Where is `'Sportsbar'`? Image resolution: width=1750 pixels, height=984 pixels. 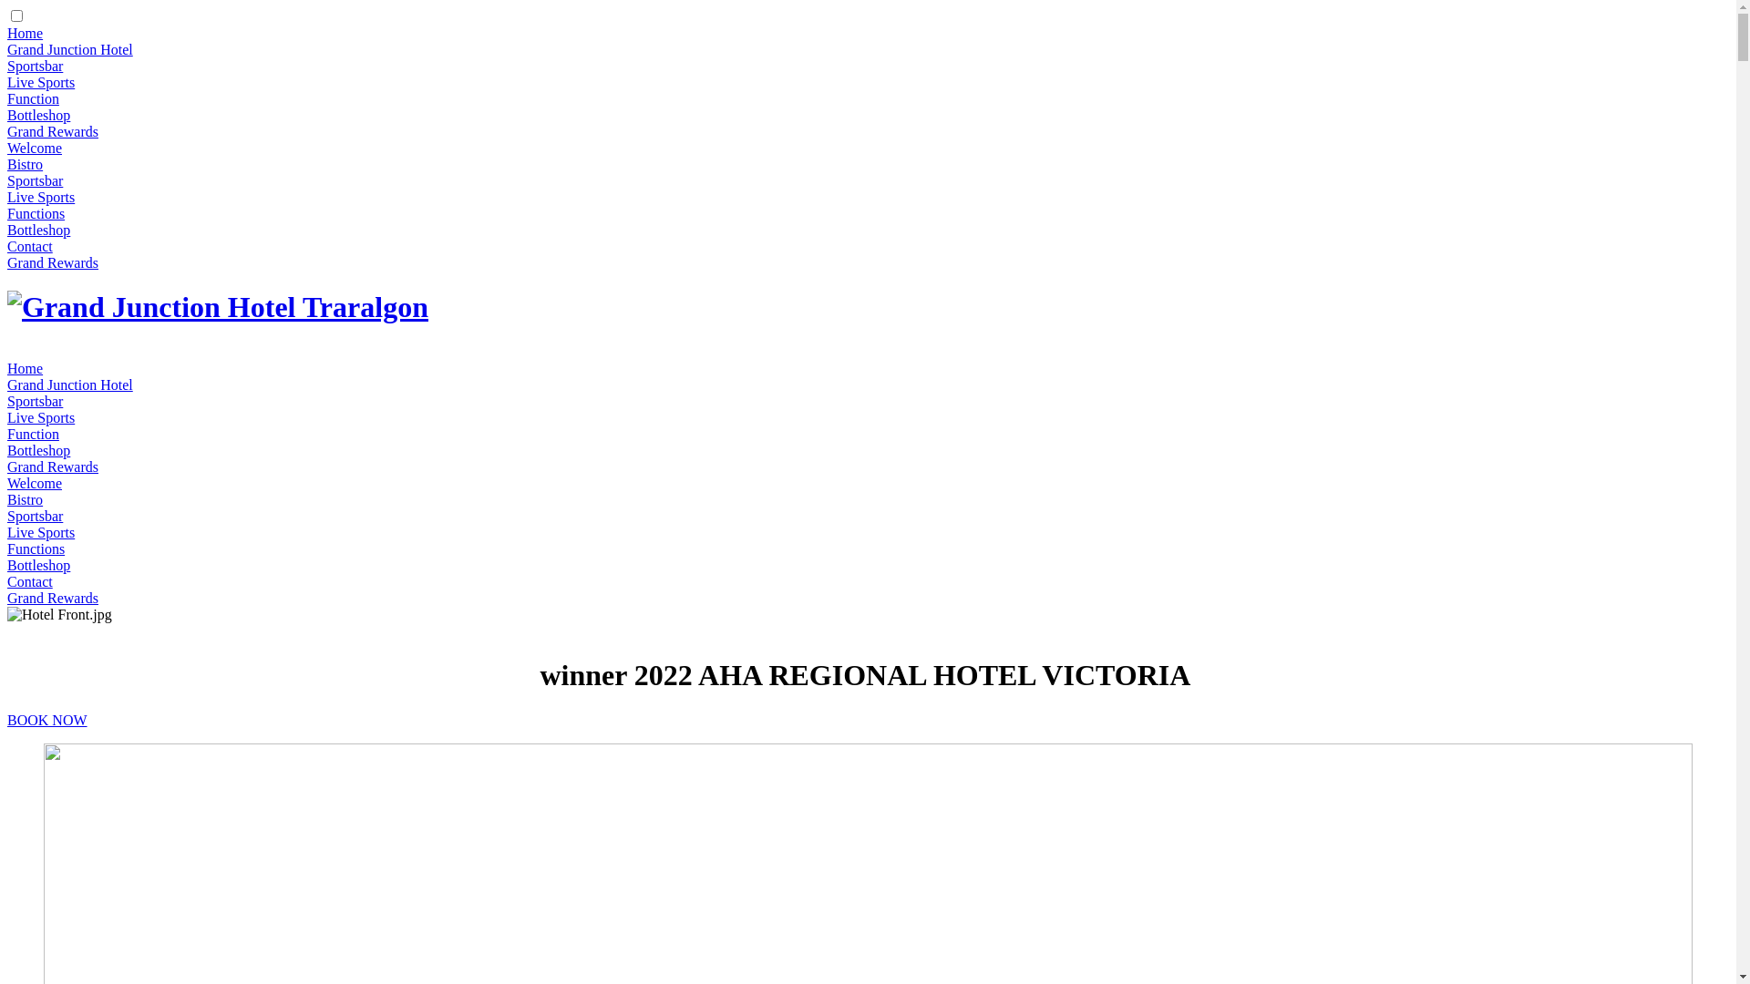
'Sportsbar' is located at coordinates (35, 516).